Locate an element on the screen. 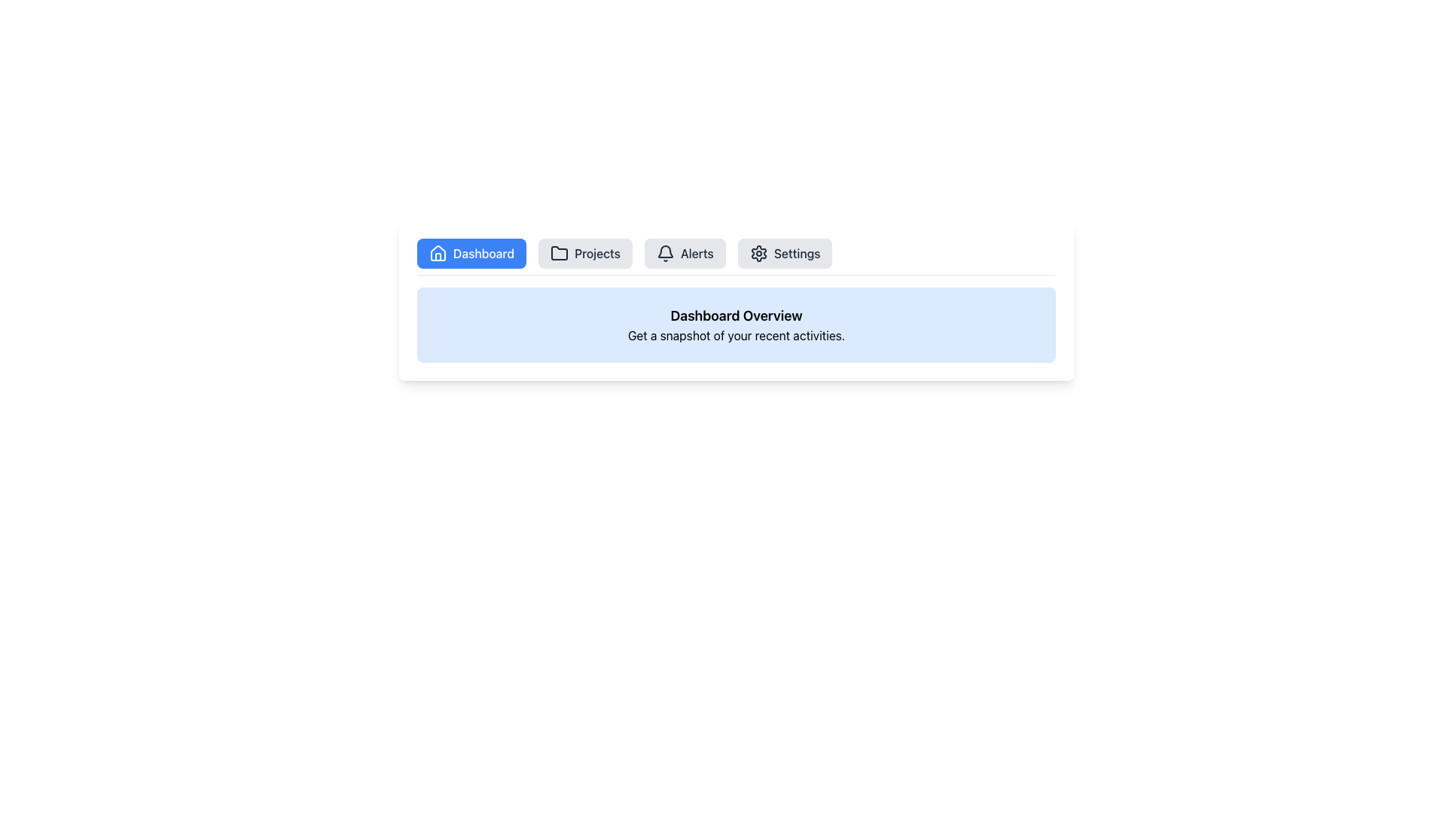 The image size is (1446, 813). the roof icon of the house within the 'Dashboard' button on the navigation bar is located at coordinates (437, 251).